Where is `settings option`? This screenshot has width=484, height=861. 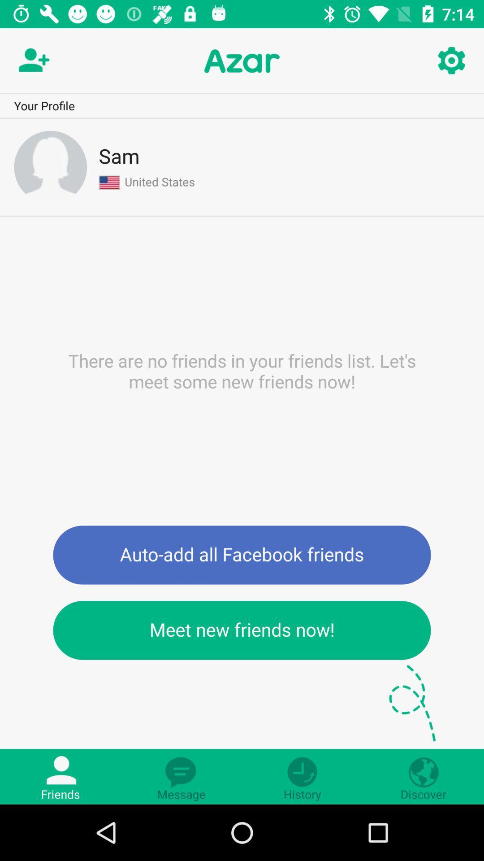
settings option is located at coordinates (451, 61).